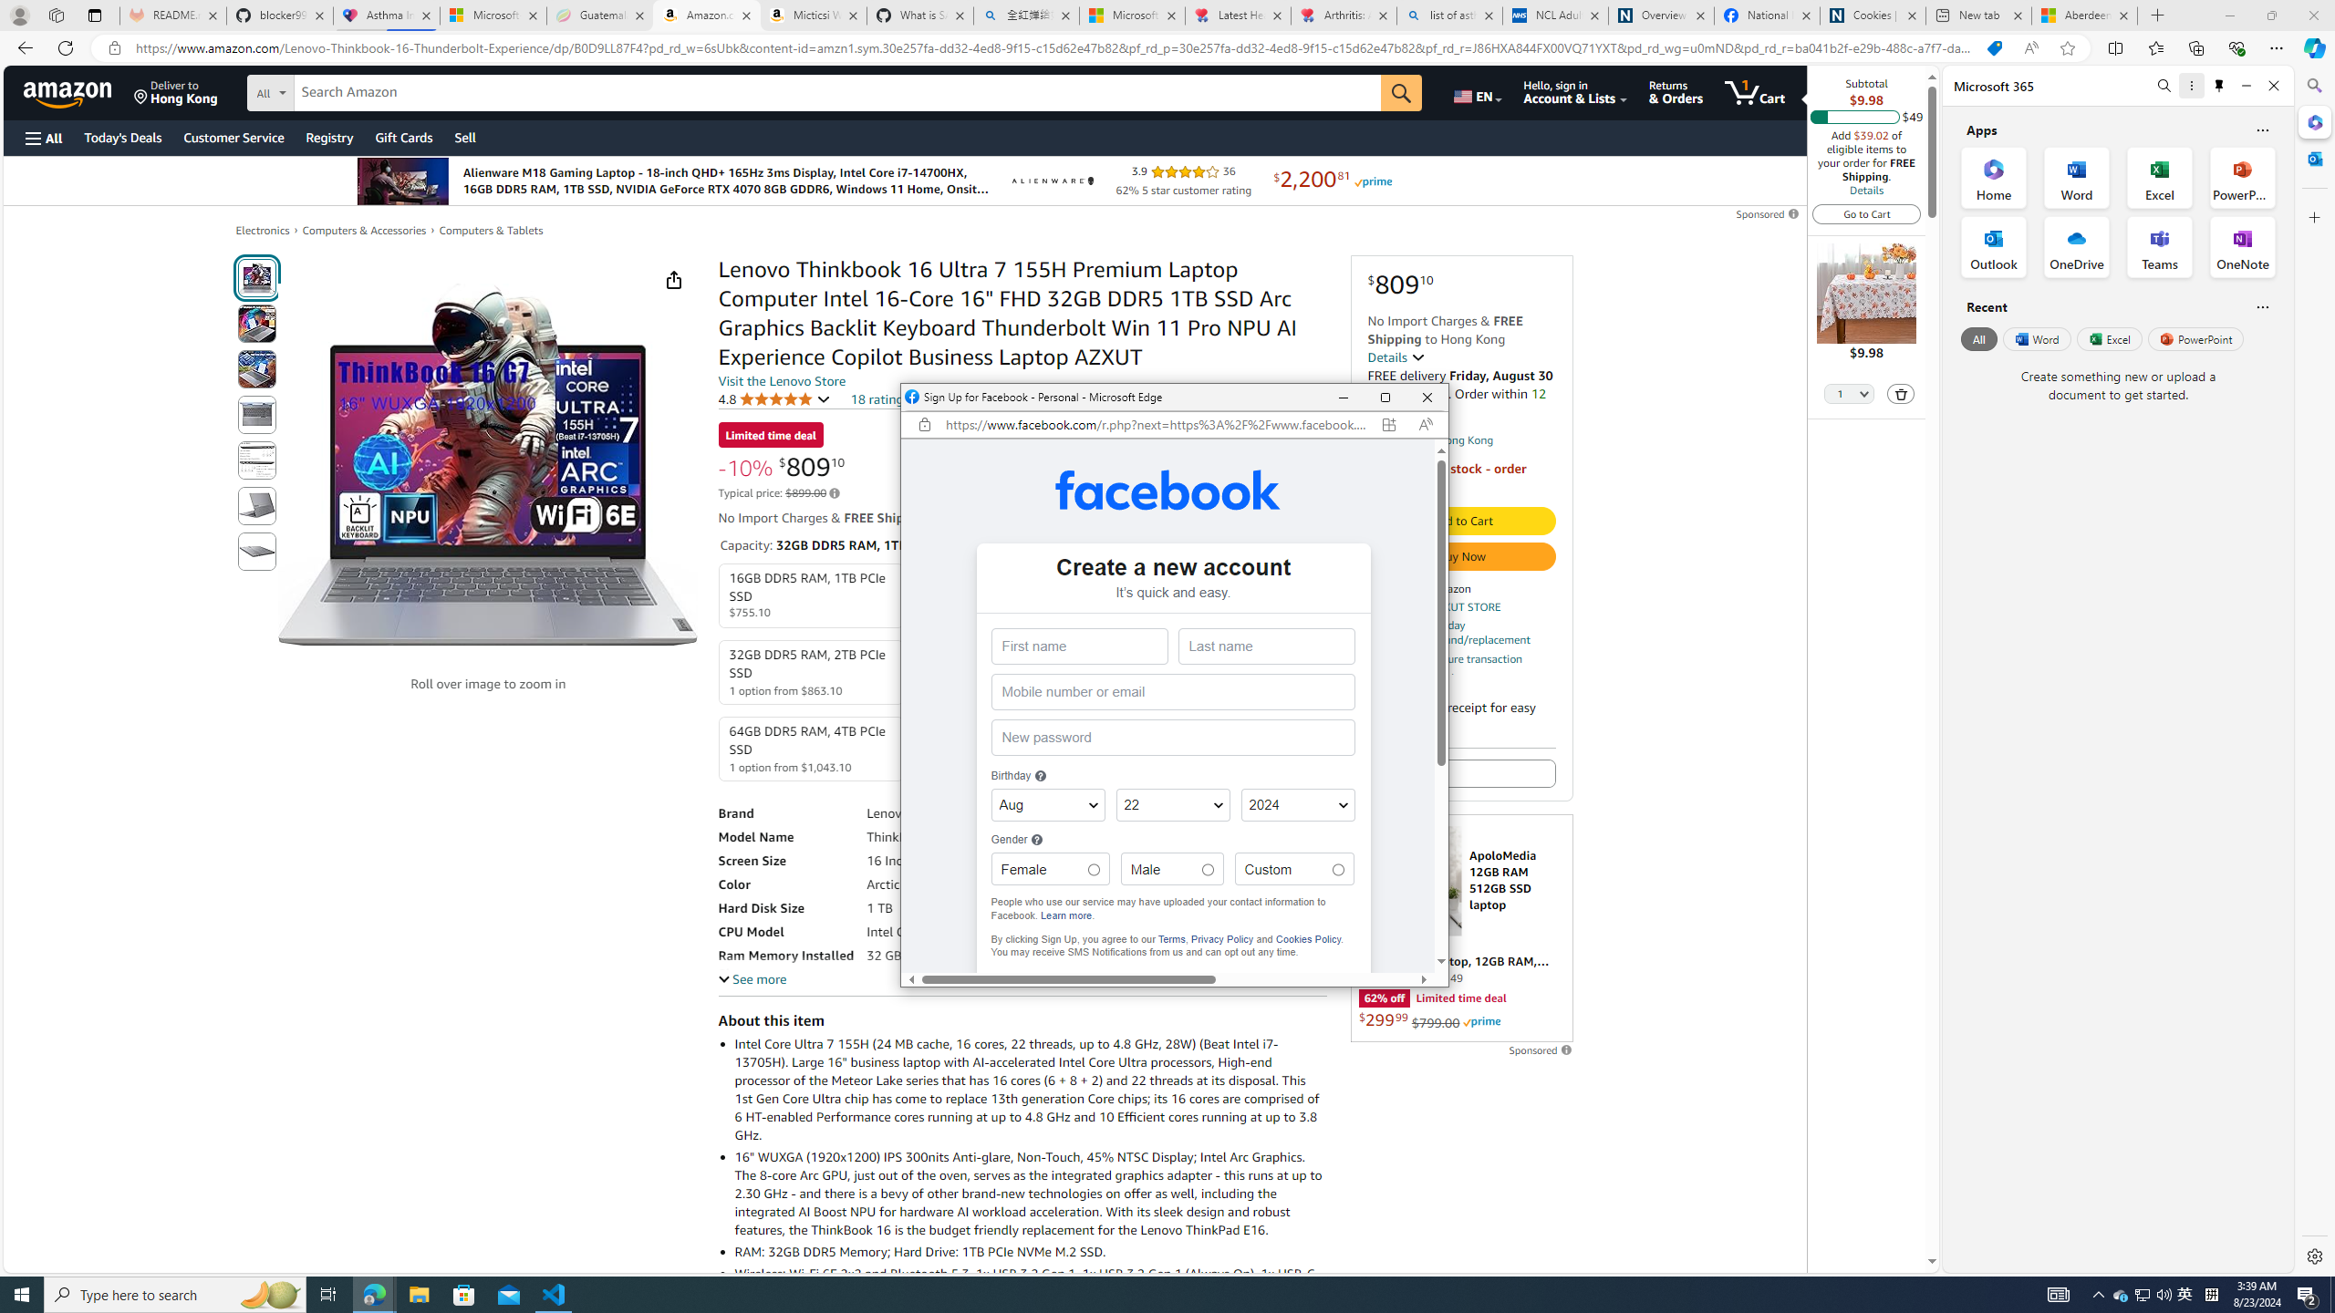 The width and height of the screenshot is (2335, 1313). I want to click on 'Visit the Lenovo Store', so click(781, 380).